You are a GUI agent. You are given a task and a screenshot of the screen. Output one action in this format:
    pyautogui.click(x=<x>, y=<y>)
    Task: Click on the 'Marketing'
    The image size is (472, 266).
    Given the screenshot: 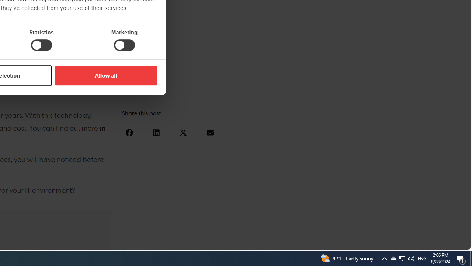 What is the action you would take?
    pyautogui.click(x=124, y=45)
    